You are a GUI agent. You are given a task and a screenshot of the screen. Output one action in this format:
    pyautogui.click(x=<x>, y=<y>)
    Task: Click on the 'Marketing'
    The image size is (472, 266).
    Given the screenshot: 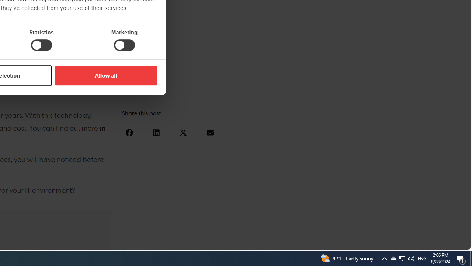 What is the action you would take?
    pyautogui.click(x=124, y=45)
    